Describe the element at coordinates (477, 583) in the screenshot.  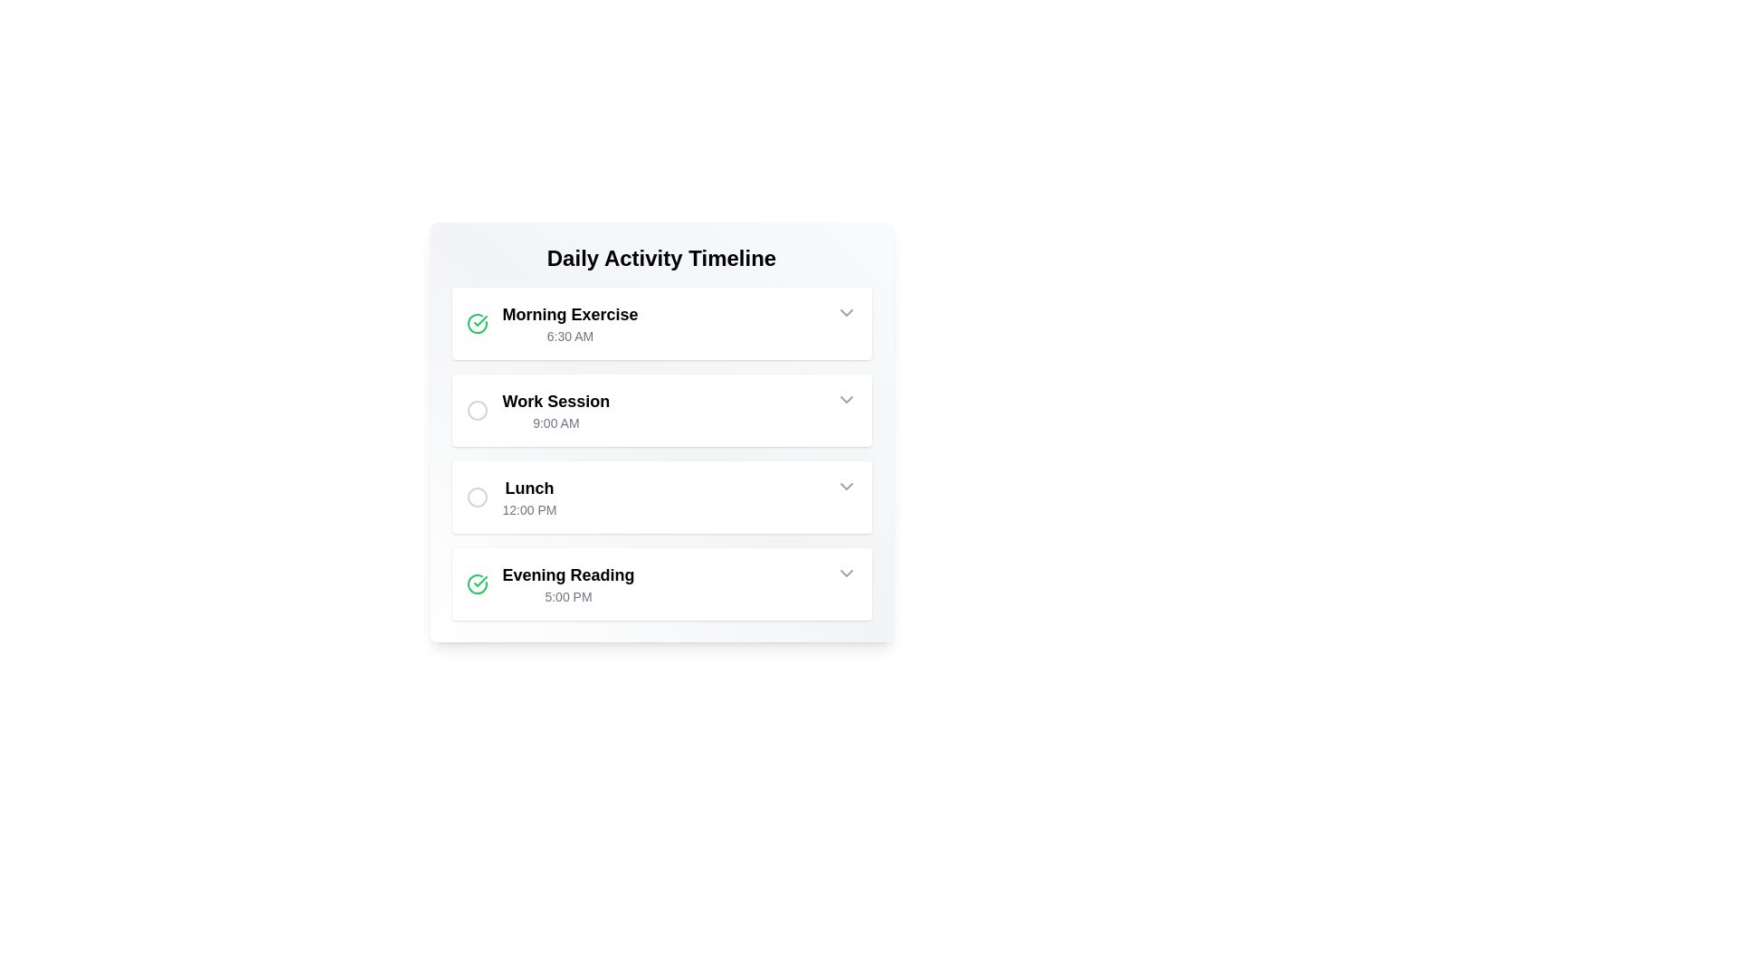
I see `the icon indicating the completion of the 'Evening Reading' activity in the 'Evening Reading 5:00 PM' row, located on the leftmost side of the row` at that location.